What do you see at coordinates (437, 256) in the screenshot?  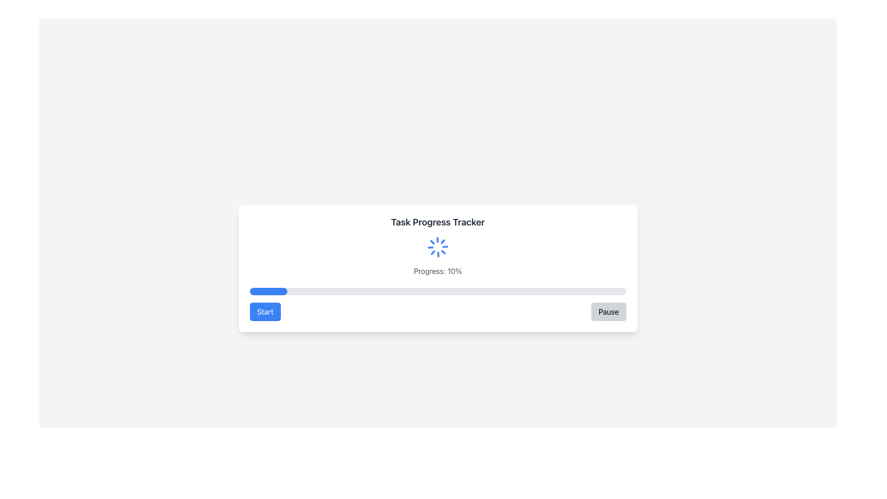 I see `the spinning loader component that displays 'Progress: 0%' below the heading 'Task Progress Tracker'` at bounding box center [437, 256].